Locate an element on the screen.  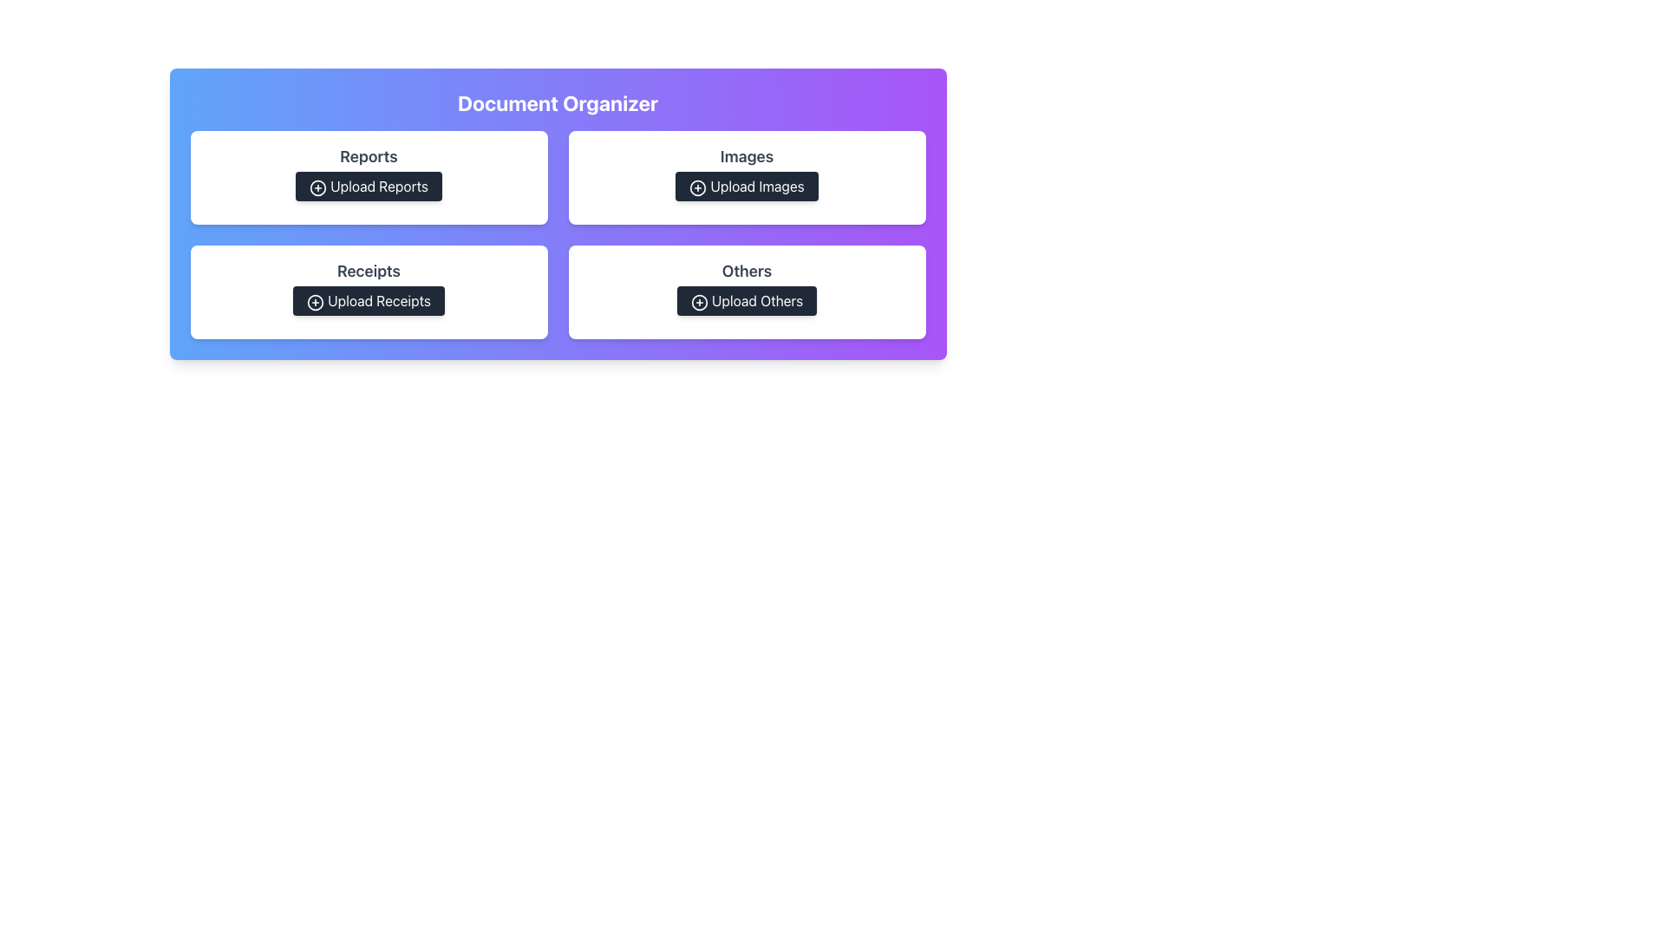
the Text Label that serves as a header for actions related to receipts, located above the 'Upload Receipts' button within a white card in the bottom-left quadrant of the interface is located at coordinates (368, 271).